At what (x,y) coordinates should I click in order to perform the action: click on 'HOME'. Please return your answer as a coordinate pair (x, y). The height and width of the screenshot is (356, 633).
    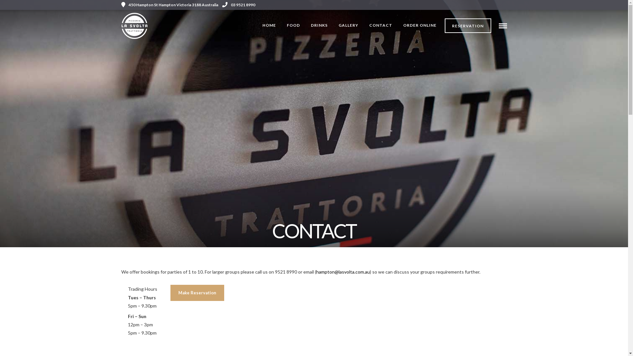
    Looking at the image, I should click on (257, 25).